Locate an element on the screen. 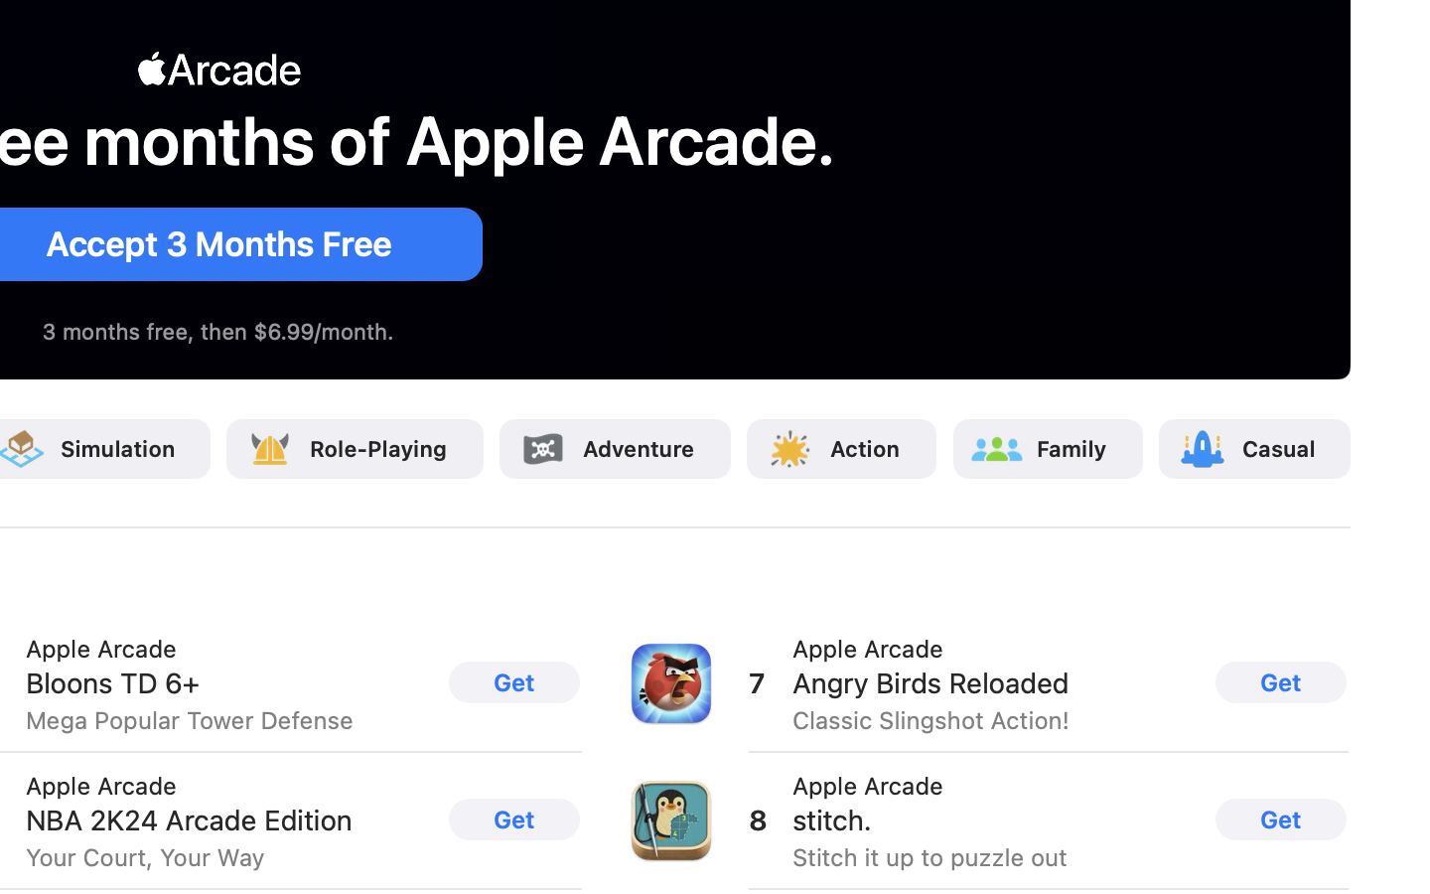  'Action' is located at coordinates (865, 447).